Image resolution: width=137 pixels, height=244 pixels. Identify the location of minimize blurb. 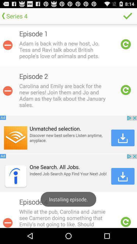
(7, 91).